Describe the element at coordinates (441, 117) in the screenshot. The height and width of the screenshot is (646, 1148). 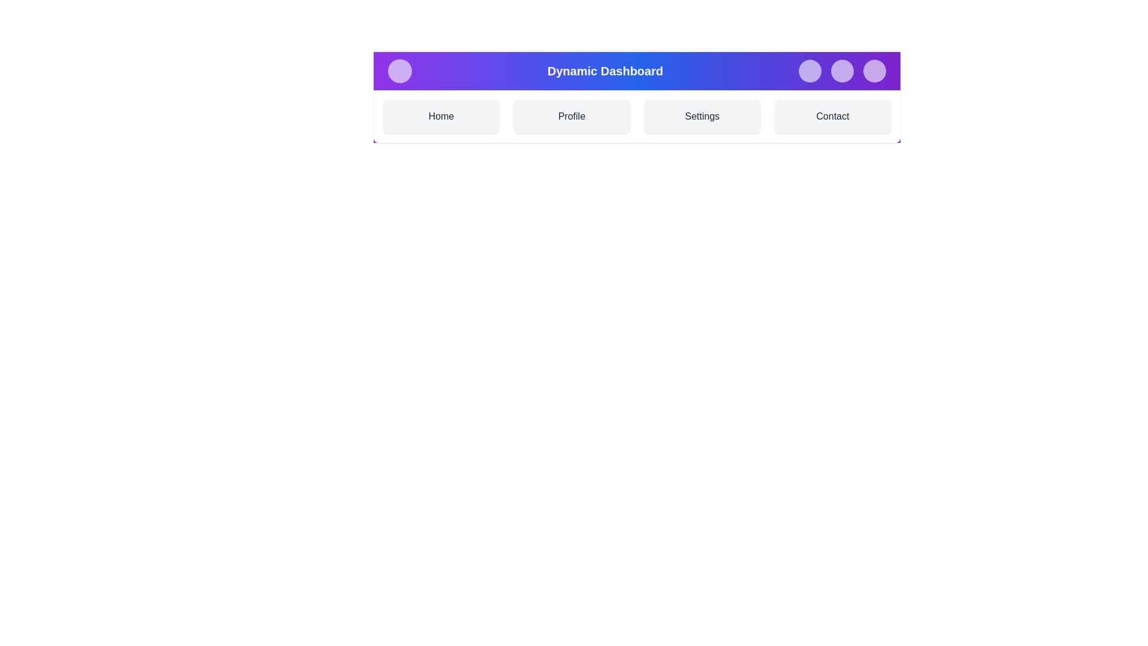
I see `the 'Home' section to view its content` at that location.